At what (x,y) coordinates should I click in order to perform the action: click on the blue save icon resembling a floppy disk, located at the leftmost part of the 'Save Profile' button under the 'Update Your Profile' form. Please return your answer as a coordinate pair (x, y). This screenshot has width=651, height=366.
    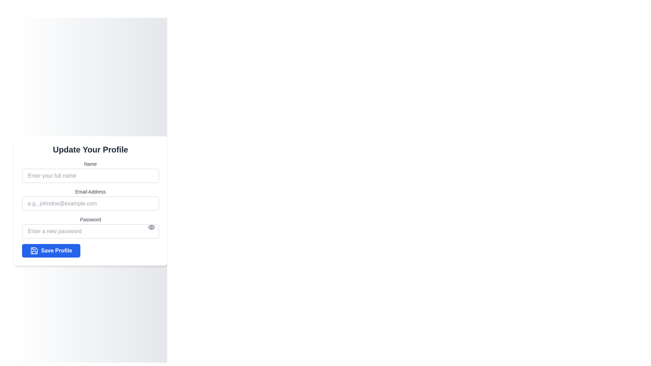
    Looking at the image, I should click on (34, 251).